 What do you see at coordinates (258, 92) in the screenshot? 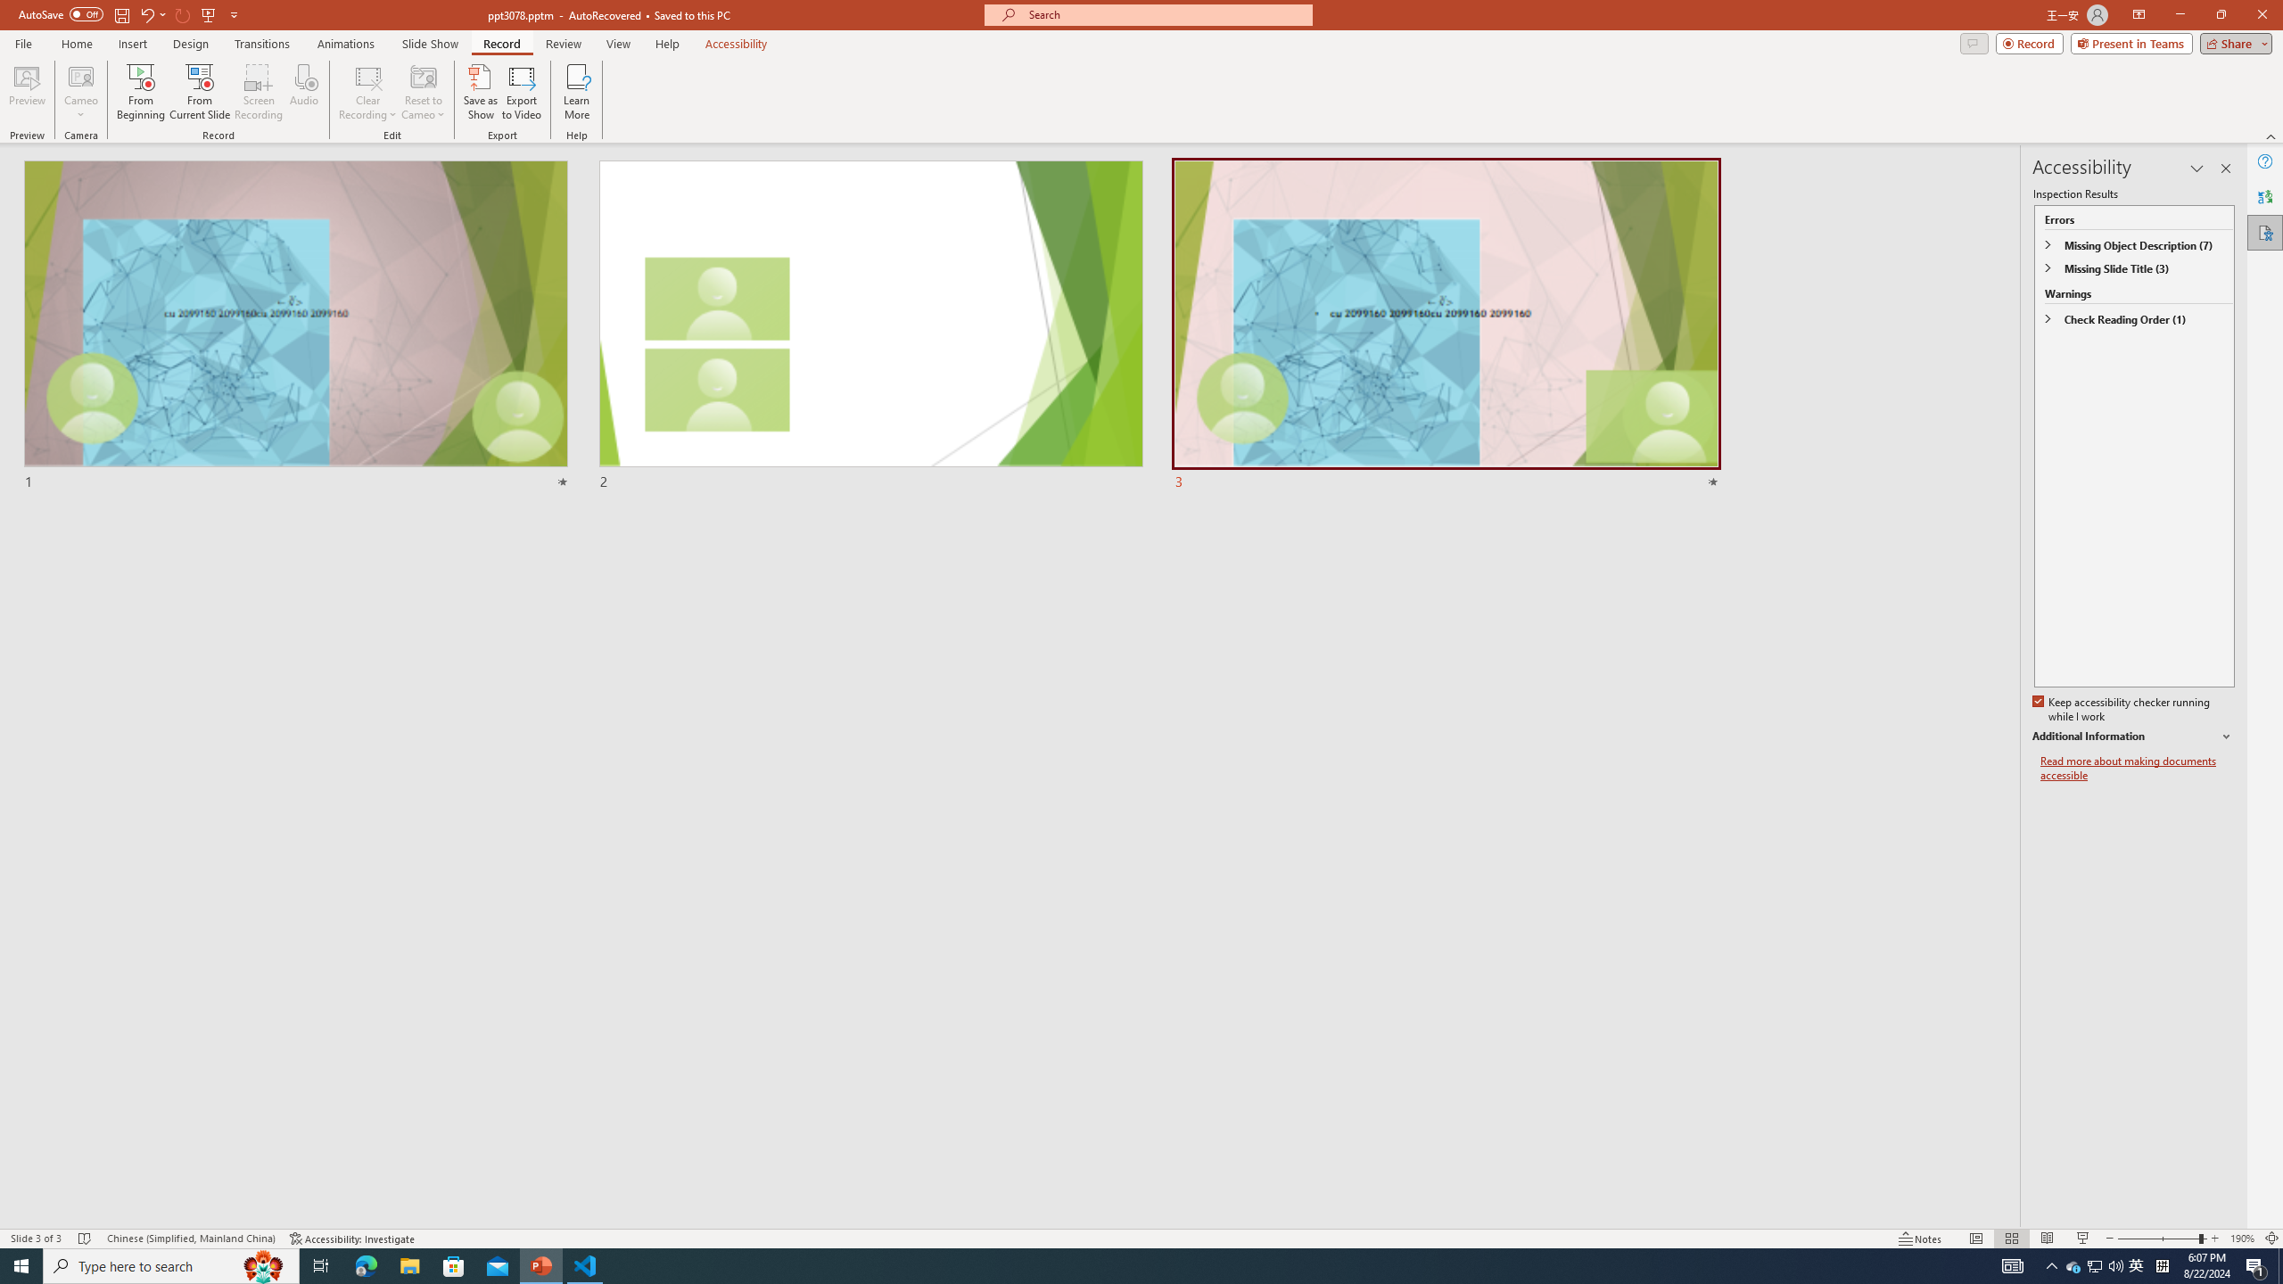
I see `'Screen Recording'` at bounding box center [258, 92].